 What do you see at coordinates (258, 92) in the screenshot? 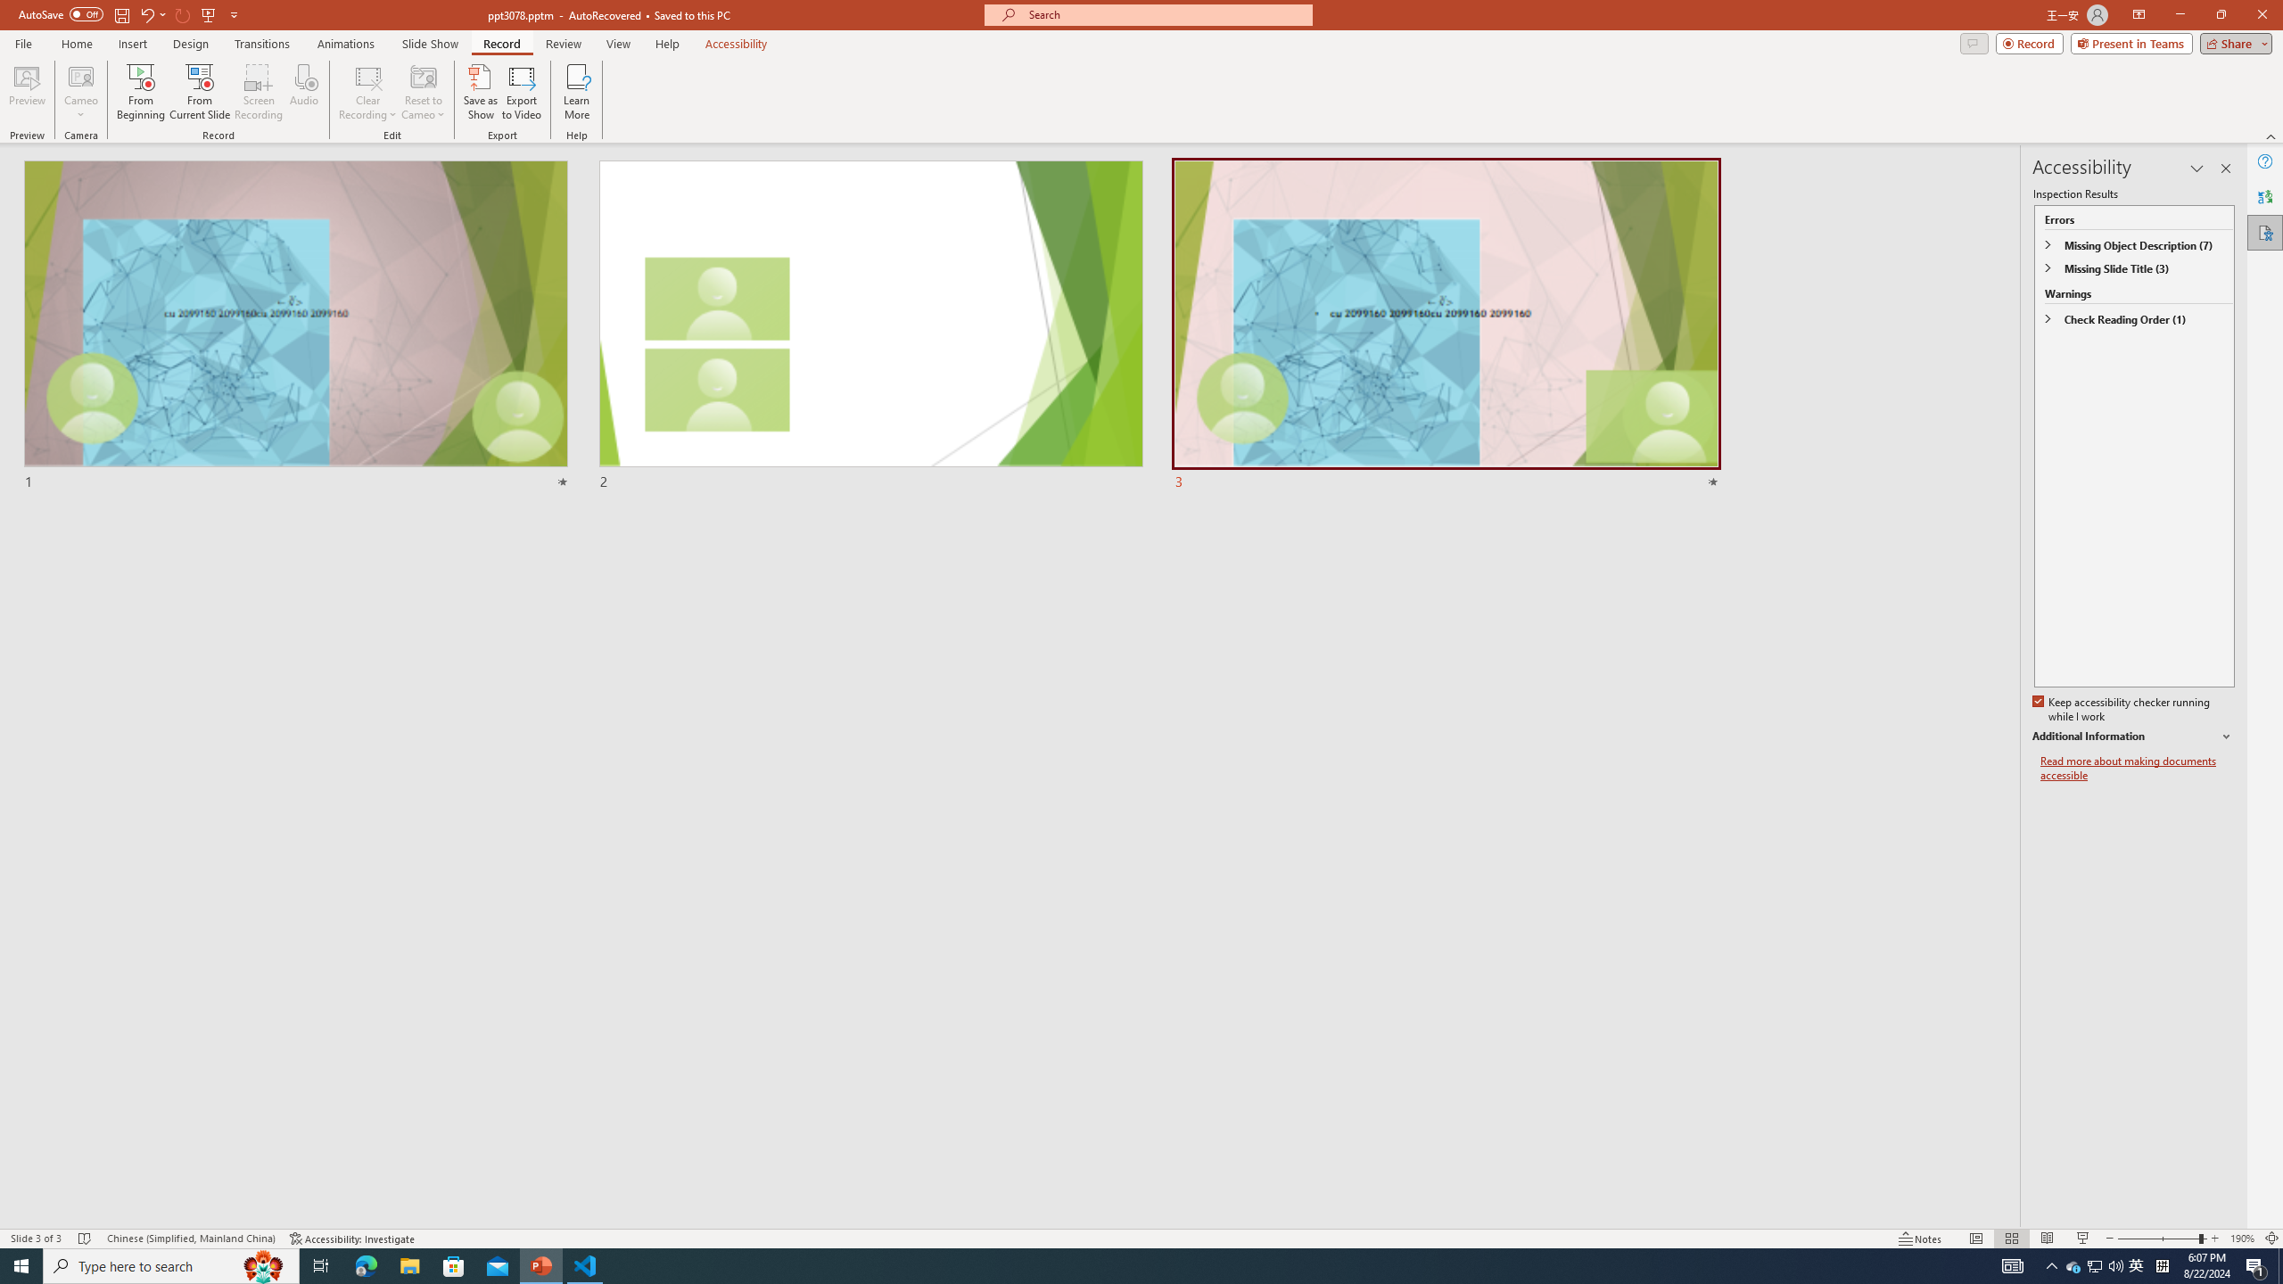
I see `'Screen Recording'` at bounding box center [258, 92].